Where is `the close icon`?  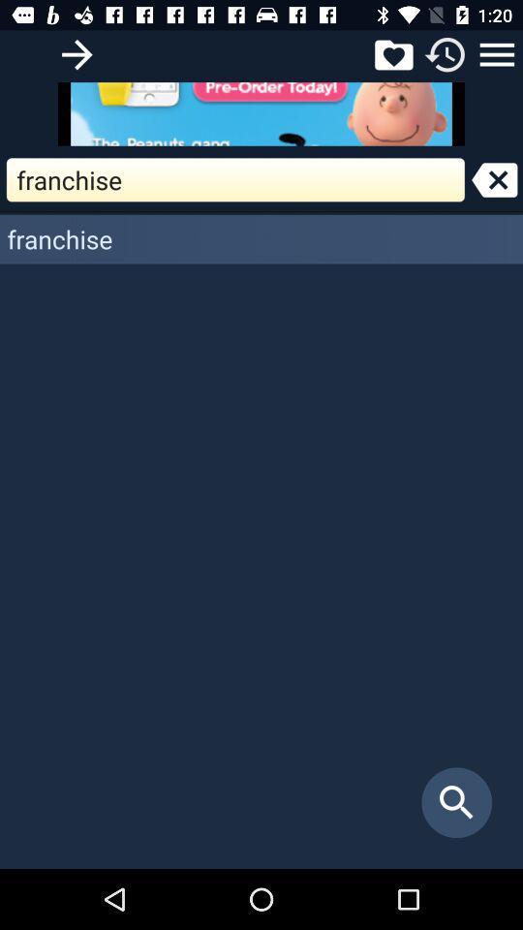 the close icon is located at coordinates (494, 179).